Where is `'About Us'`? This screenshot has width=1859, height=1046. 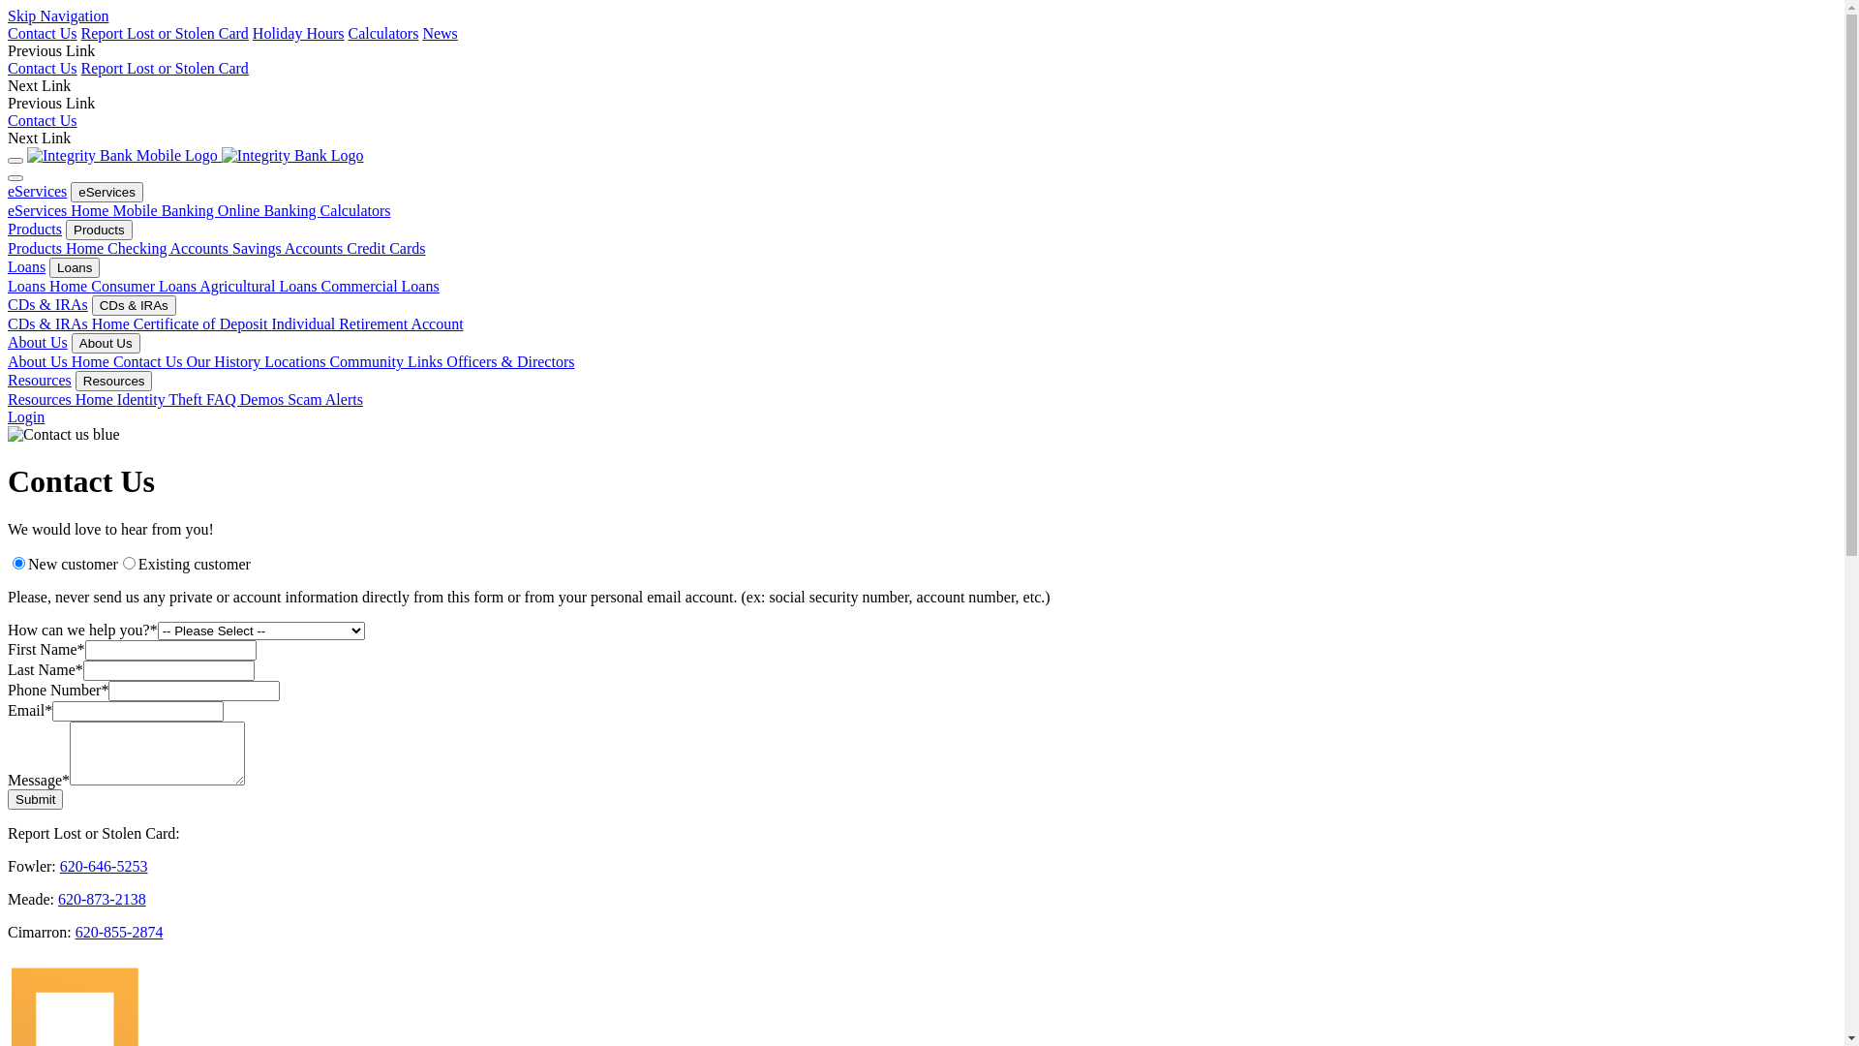 'About Us' is located at coordinates (37, 341).